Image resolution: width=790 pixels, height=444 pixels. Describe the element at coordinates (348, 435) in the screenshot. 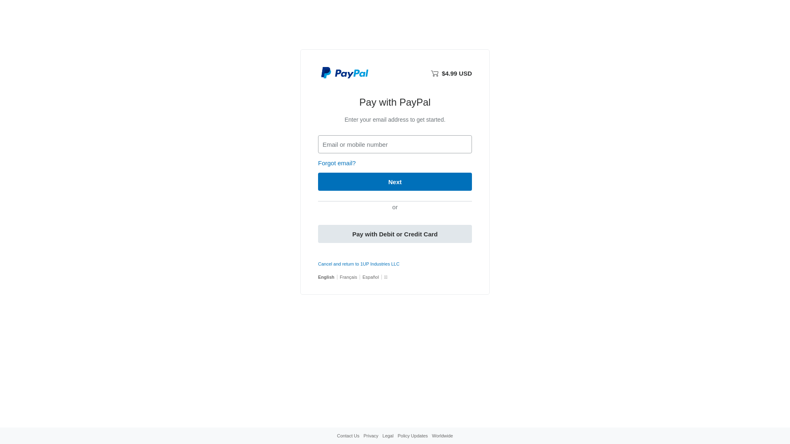

I see `'Contact Us'` at that location.